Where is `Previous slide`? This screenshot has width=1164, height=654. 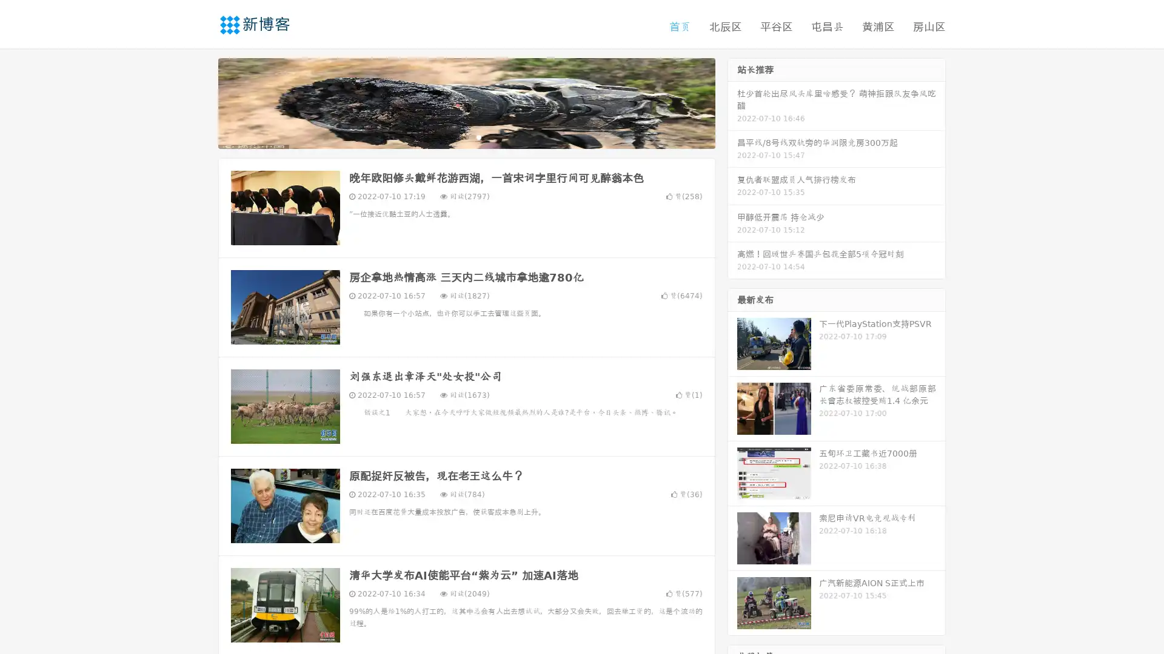 Previous slide is located at coordinates (200, 102).